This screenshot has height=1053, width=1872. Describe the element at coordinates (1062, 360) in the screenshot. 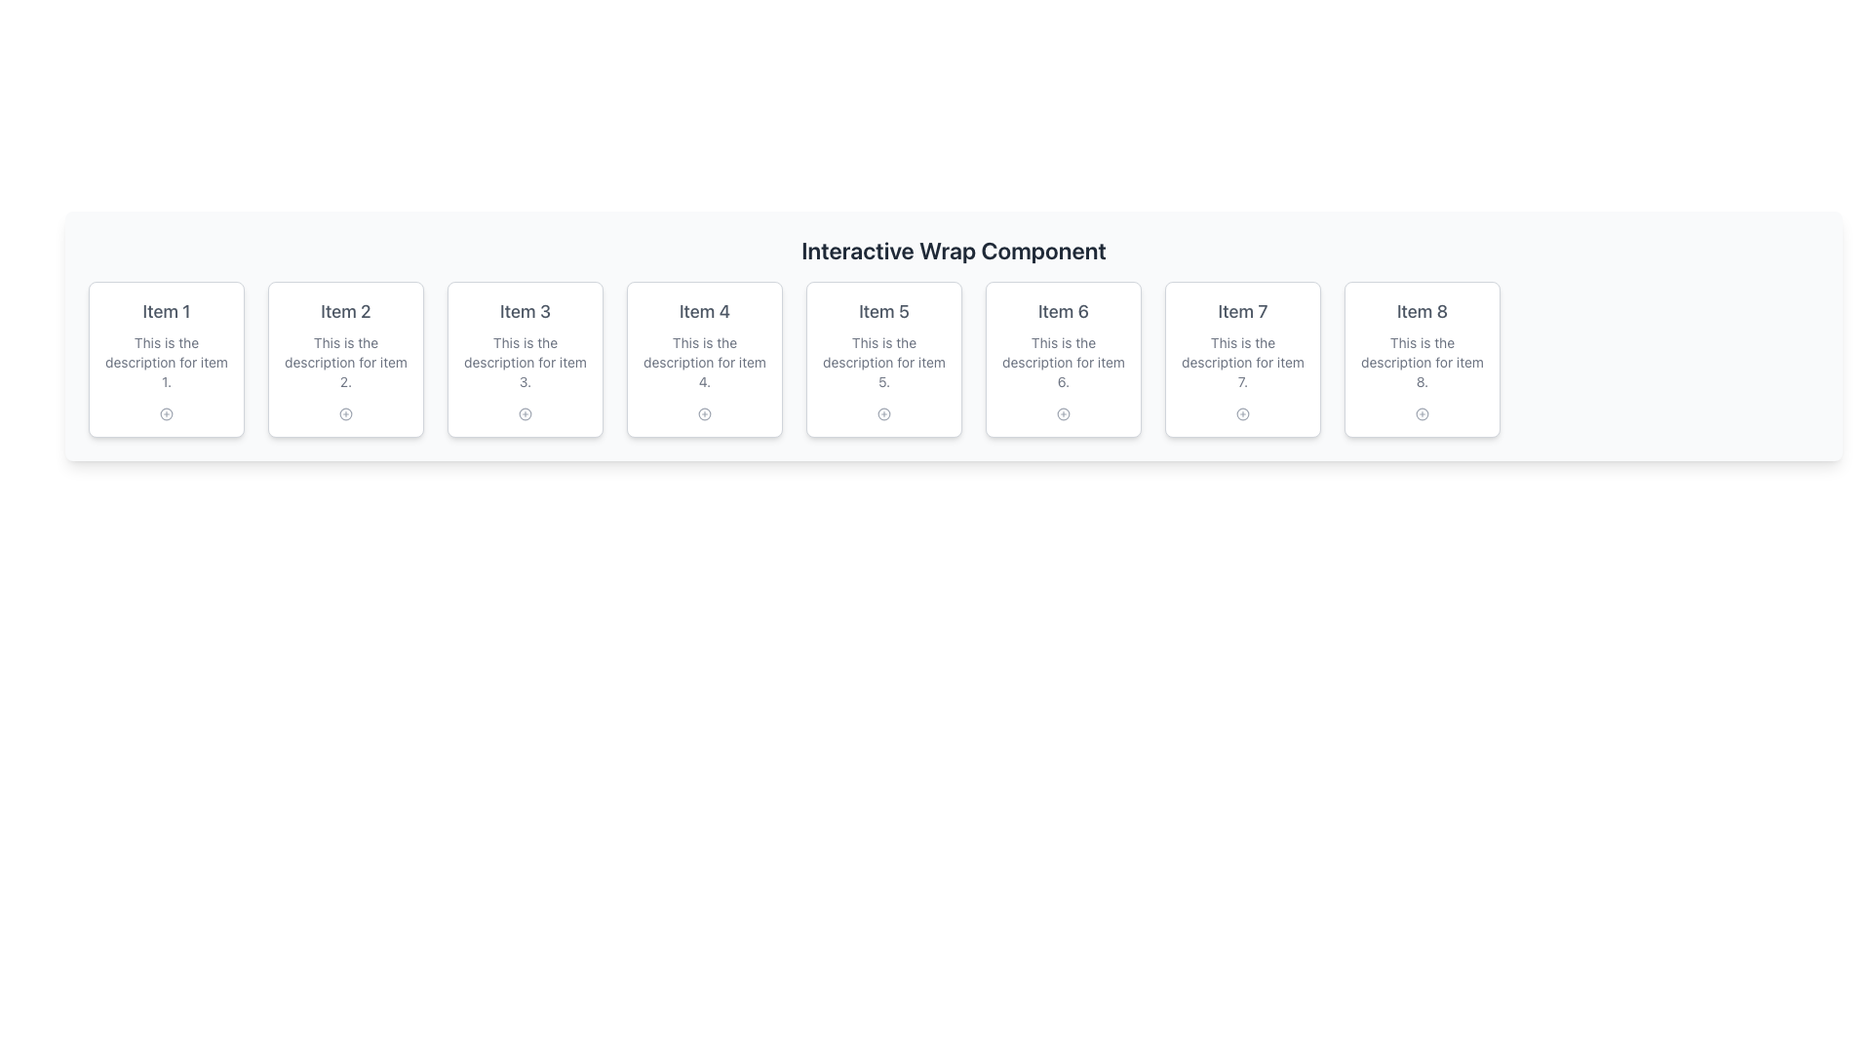

I see `the Card titled 'Item 6', which is a rectangular card with a white background and rounded corners, located in the center-right of the interface` at that location.